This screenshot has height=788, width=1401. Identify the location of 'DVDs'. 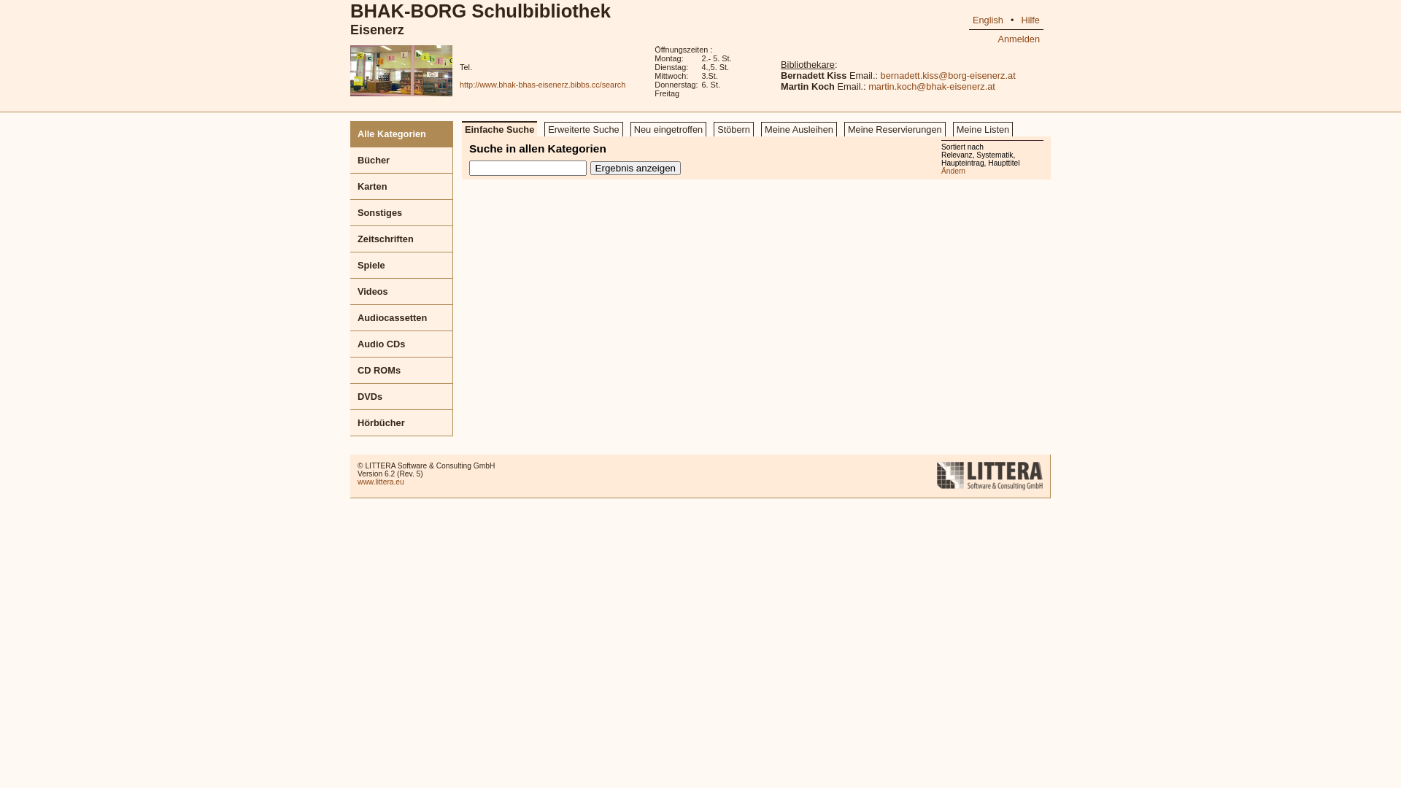
(401, 396).